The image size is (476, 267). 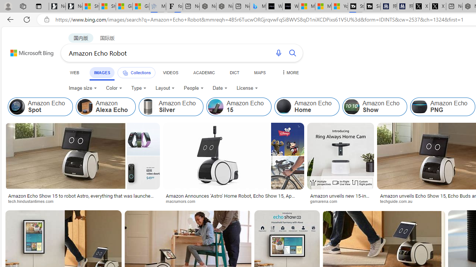 I want to click on 'X', so click(x=438, y=6).